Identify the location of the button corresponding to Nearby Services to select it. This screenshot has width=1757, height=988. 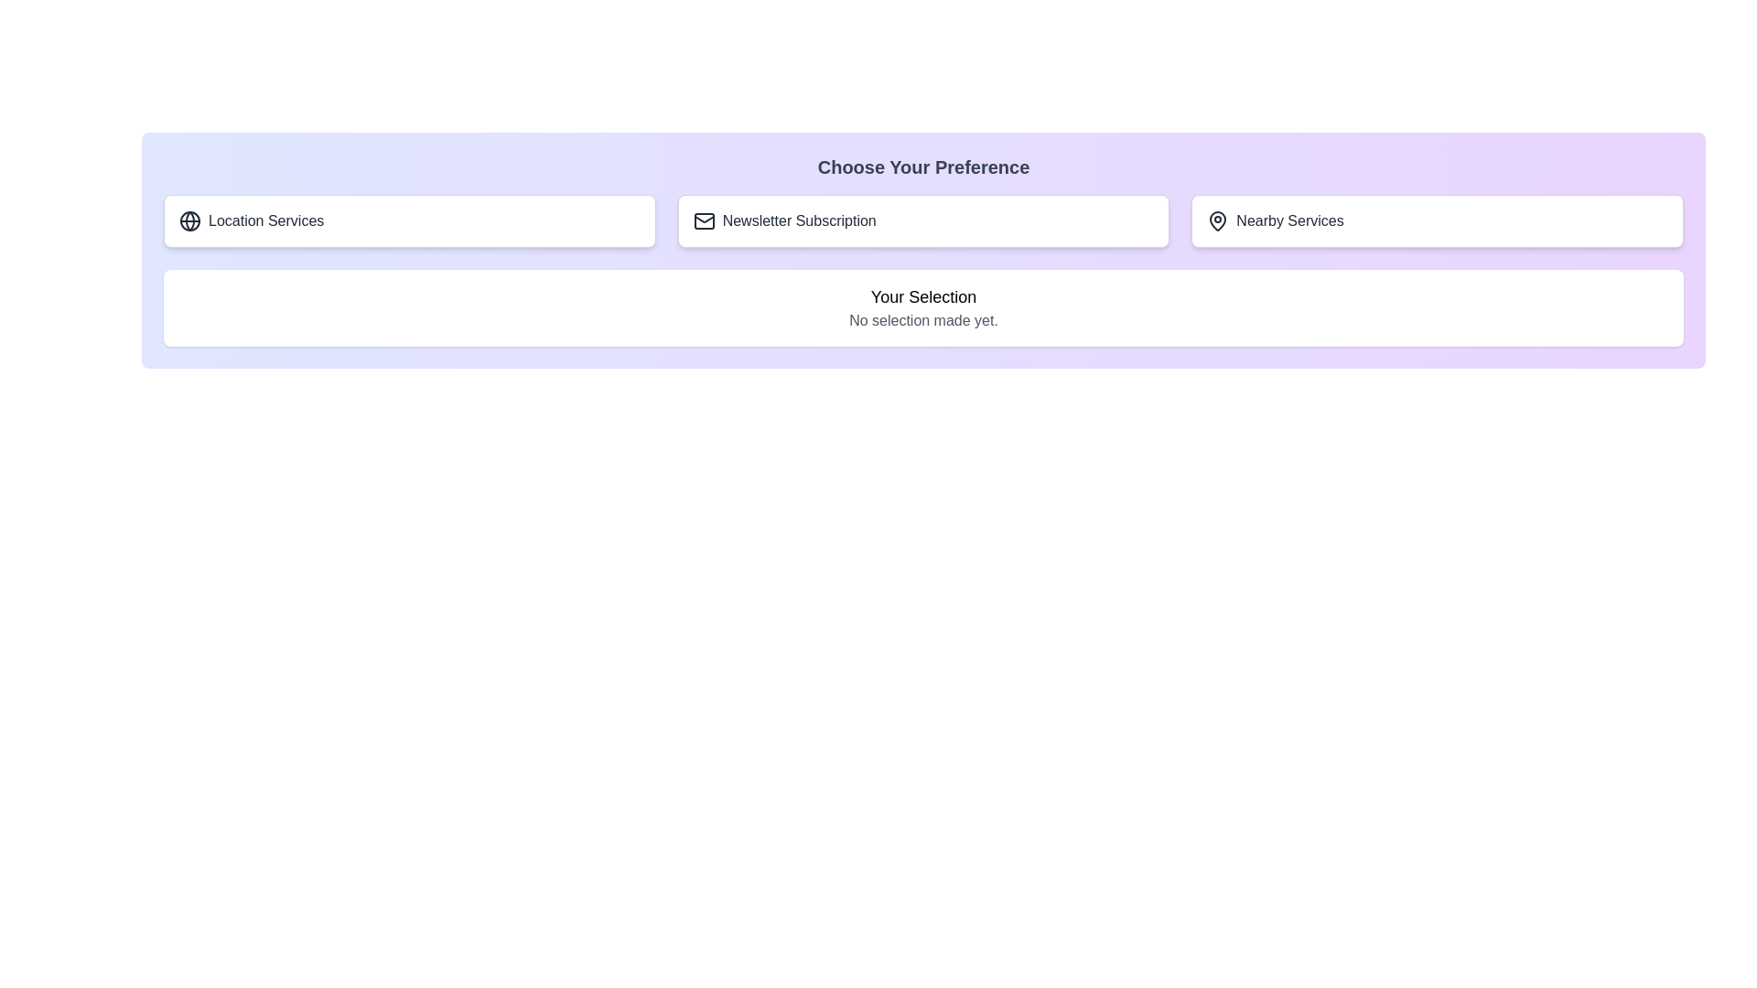
(1437, 220).